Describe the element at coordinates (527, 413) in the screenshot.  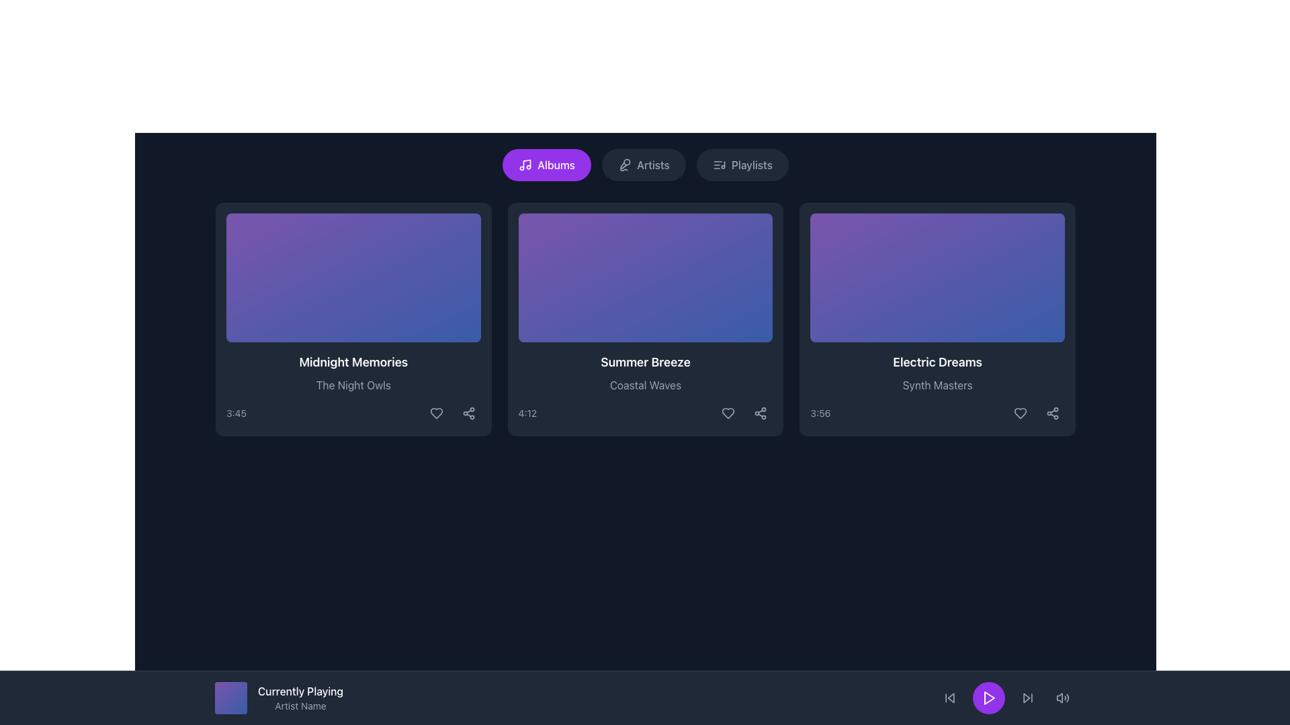
I see `the small gray text label displaying '4:12' located in the bottom-left corner of the 'Summer Breeze' album card` at that location.